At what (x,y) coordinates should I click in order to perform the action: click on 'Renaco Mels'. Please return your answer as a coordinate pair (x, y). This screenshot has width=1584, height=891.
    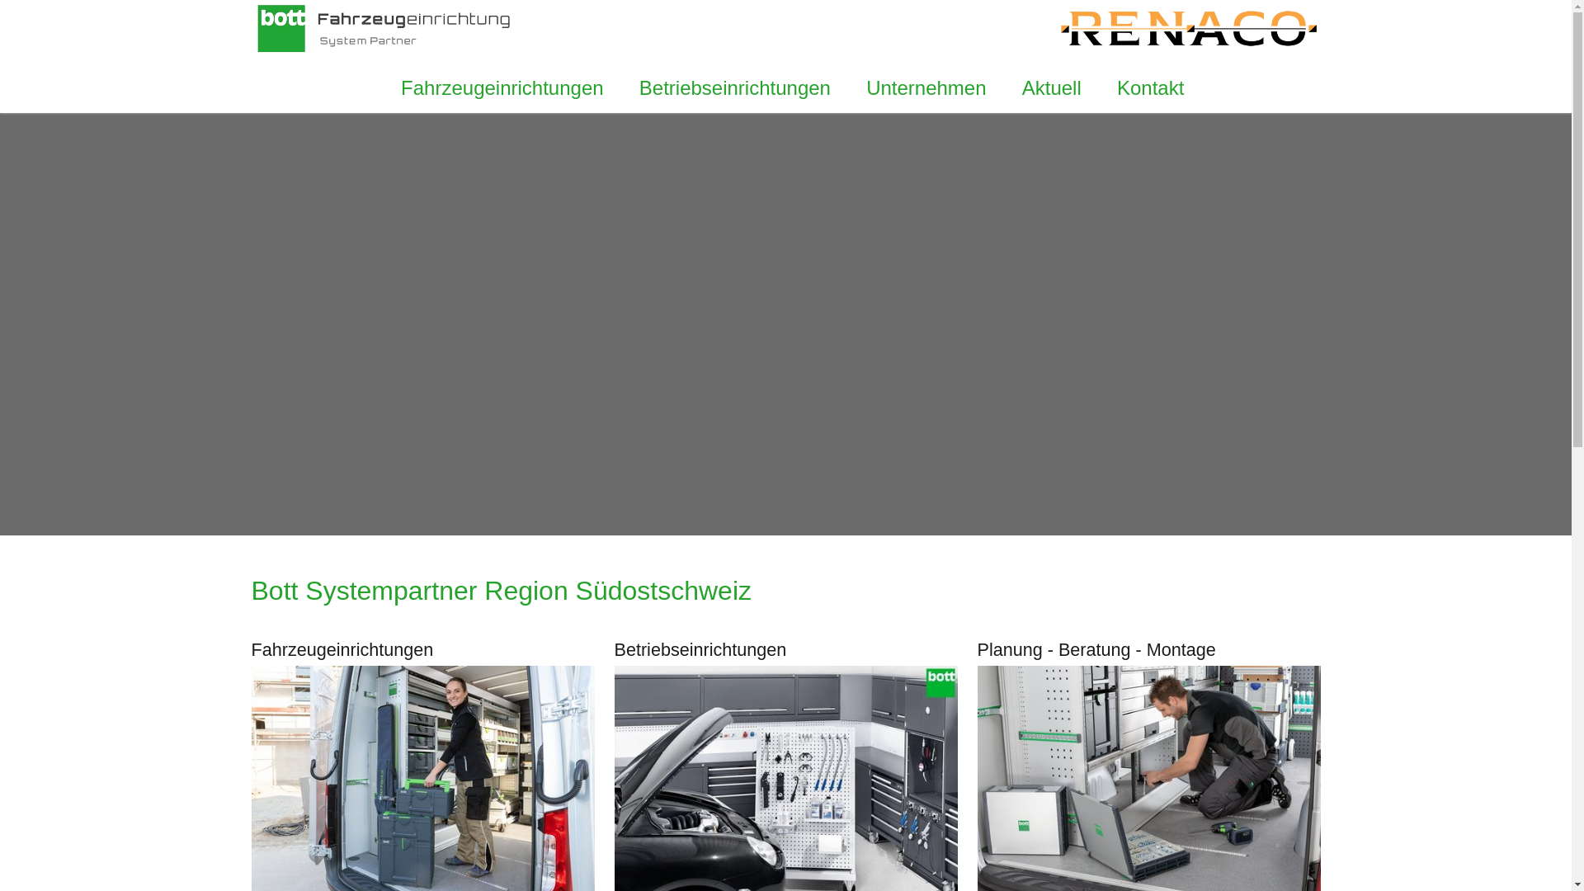
    Looking at the image, I should click on (1188, 28).